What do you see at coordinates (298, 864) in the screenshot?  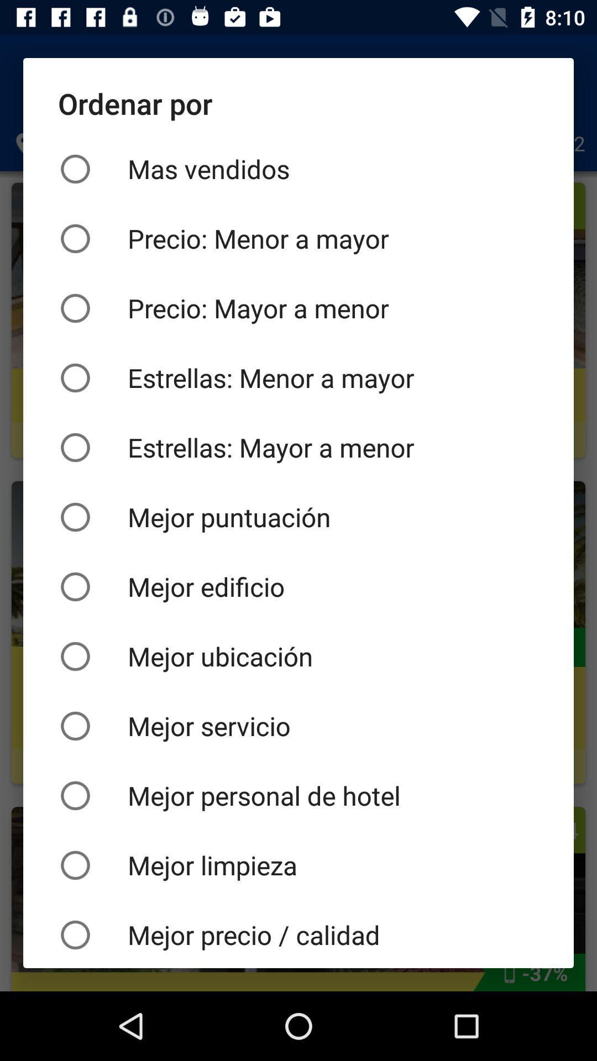 I see `the mejor limpieza` at bounding box center [298, 864].